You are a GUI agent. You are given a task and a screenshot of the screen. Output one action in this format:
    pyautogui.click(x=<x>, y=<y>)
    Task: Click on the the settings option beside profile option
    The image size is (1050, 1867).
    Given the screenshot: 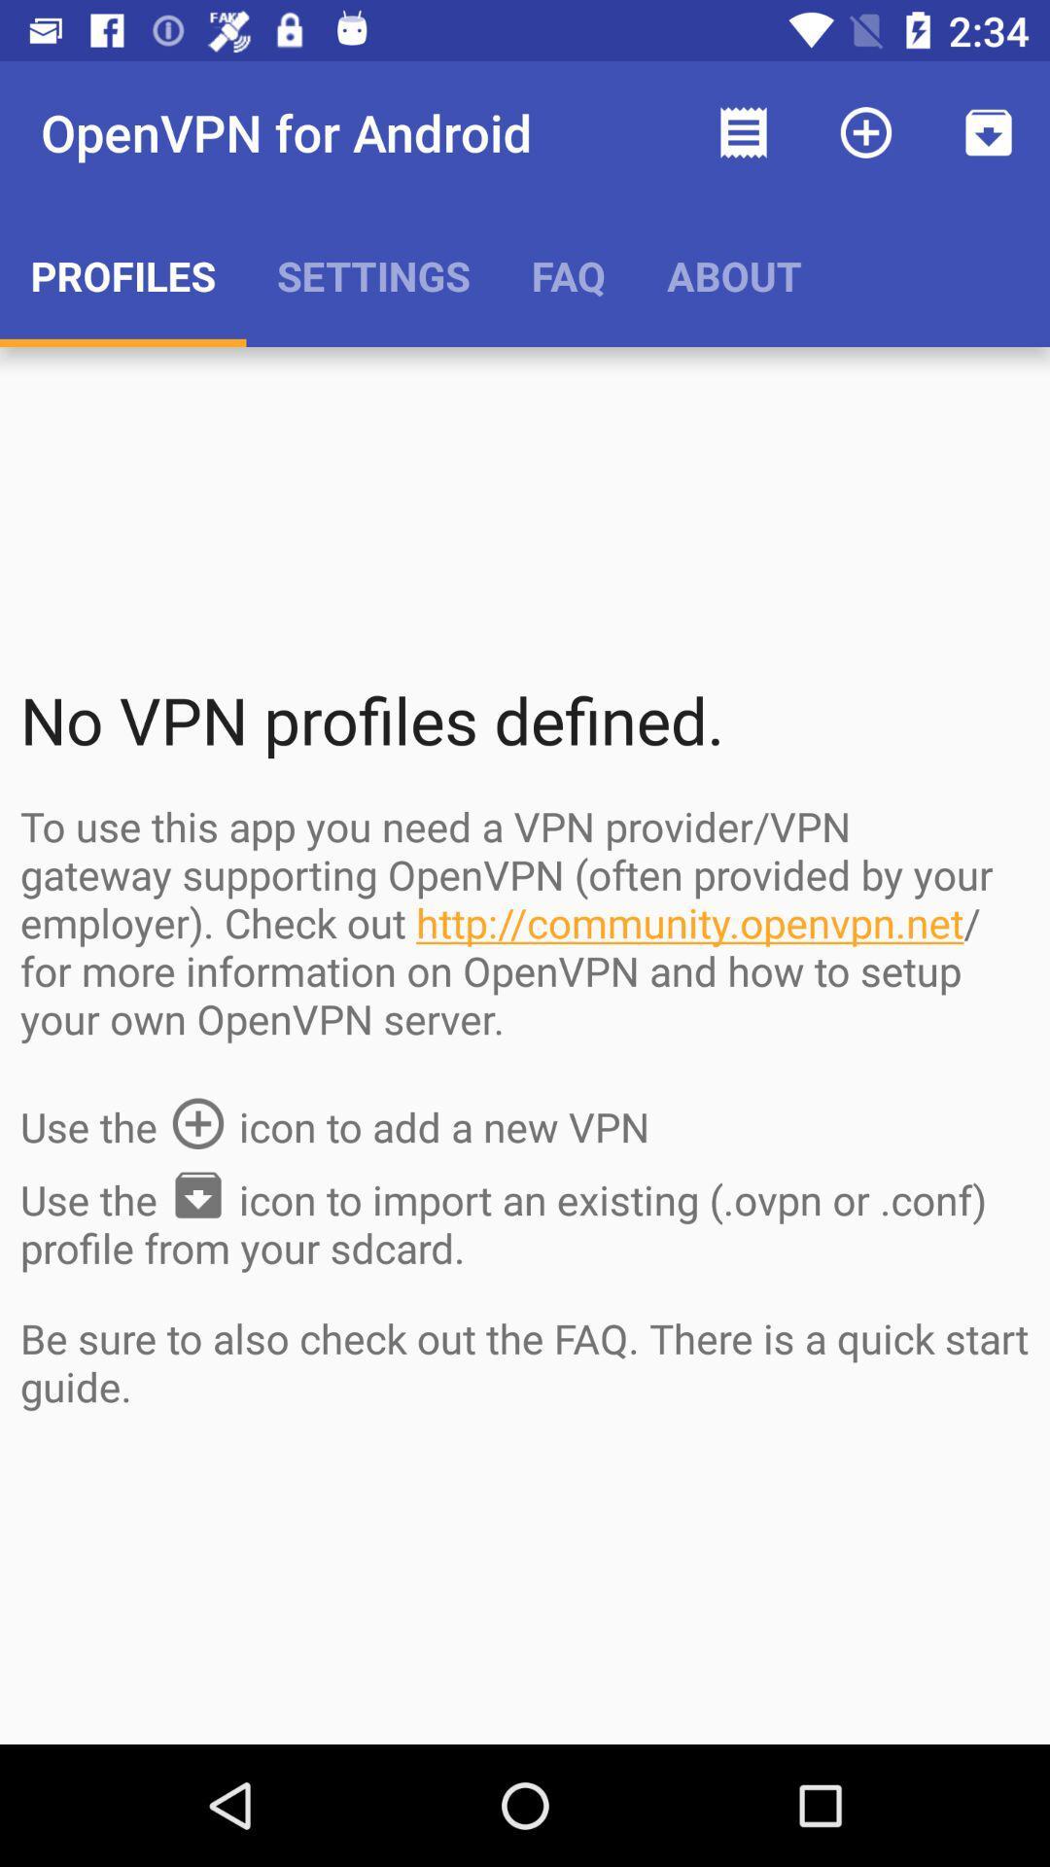 What is the action you would take?
    pyautogui.click(x=373, y=274)
    